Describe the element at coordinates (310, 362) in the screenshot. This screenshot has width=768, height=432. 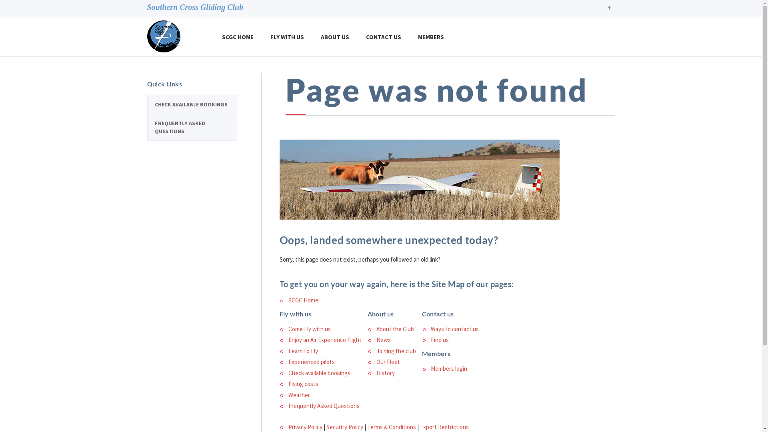
I see `'Experienced pilots'` at that location.